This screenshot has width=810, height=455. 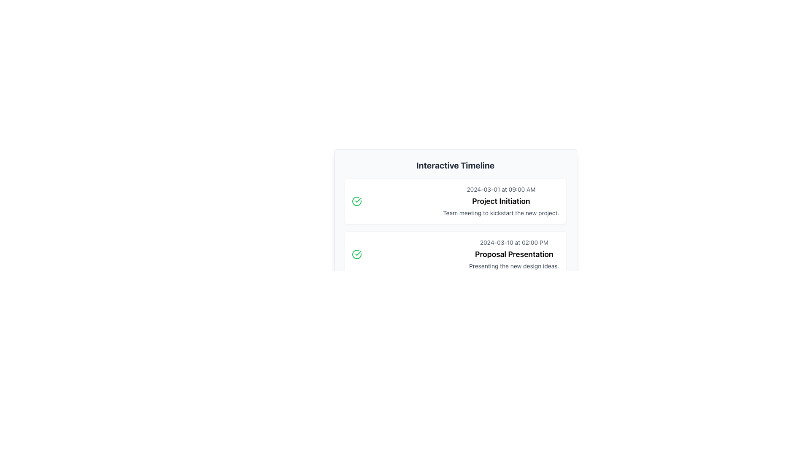 What do you see at coordinates (455, 254) in the screenshot?
I see `the Timeline Event titled 'Proposal Presentation' scheduled for March 10, 2024, at 2:00 PM, which is located below the 'Project Initiation' event in the vertical timeline interface` at bounding box center [455, 254].